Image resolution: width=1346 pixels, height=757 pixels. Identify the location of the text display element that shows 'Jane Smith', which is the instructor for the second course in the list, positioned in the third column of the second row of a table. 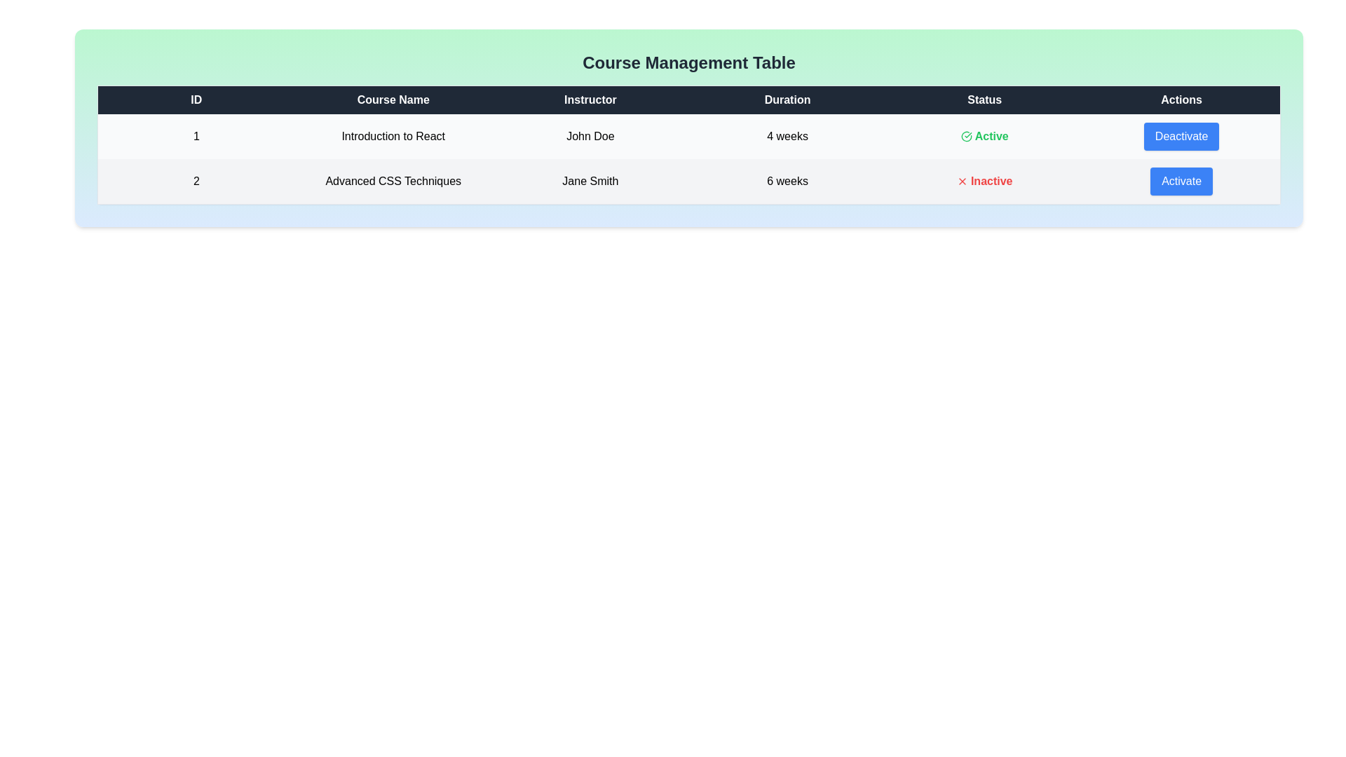
(590, 181).